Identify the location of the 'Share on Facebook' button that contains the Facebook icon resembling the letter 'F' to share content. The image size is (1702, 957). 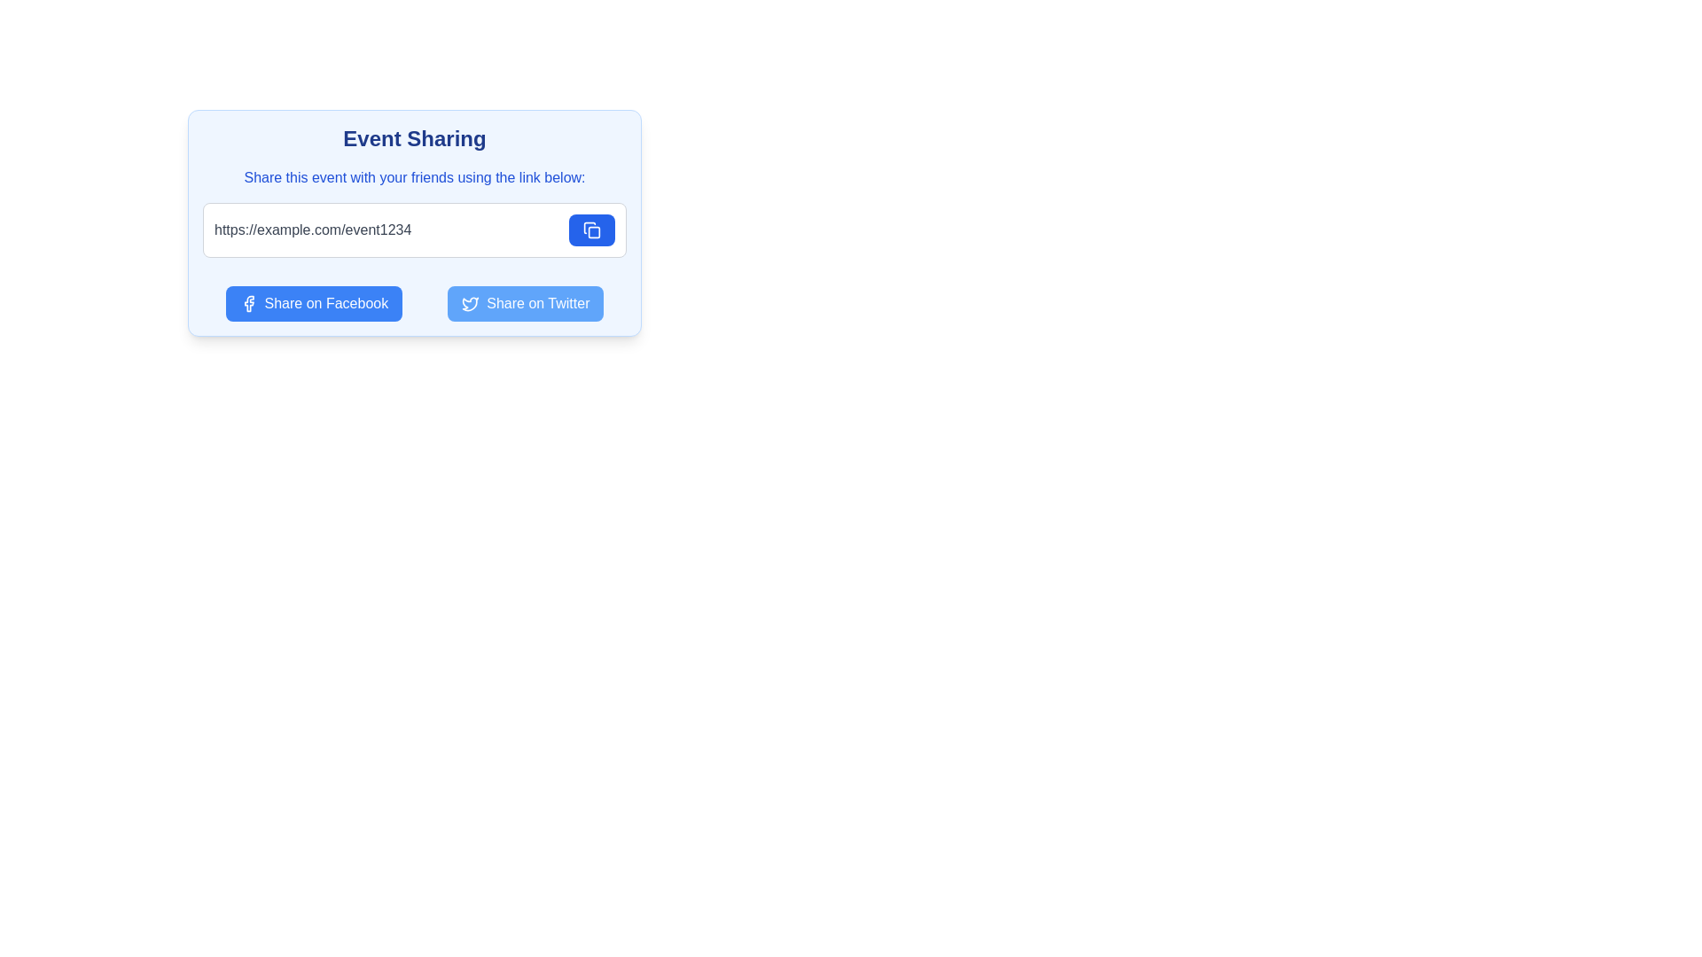
(247, 303).